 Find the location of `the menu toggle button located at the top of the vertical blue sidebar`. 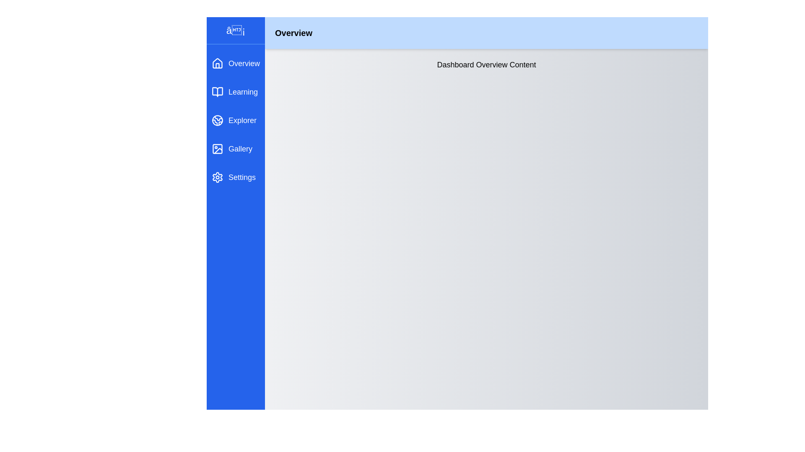

the menu toggle button located at the top of the vertical blue sidebar is located at coordinates (235, 30).